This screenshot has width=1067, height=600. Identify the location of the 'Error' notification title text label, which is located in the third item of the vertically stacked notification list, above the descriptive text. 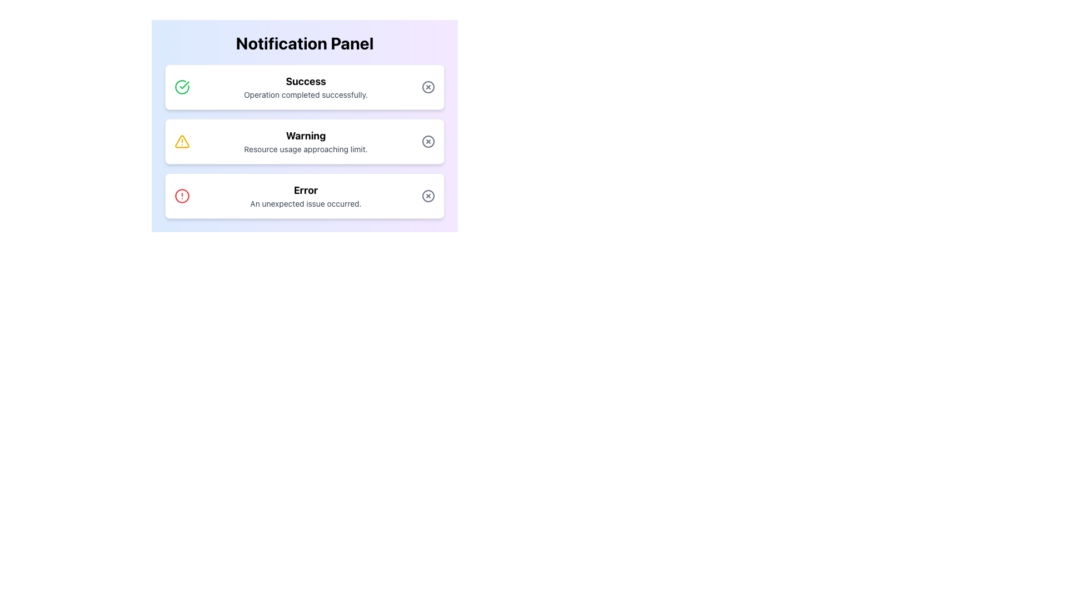
(306, 190).